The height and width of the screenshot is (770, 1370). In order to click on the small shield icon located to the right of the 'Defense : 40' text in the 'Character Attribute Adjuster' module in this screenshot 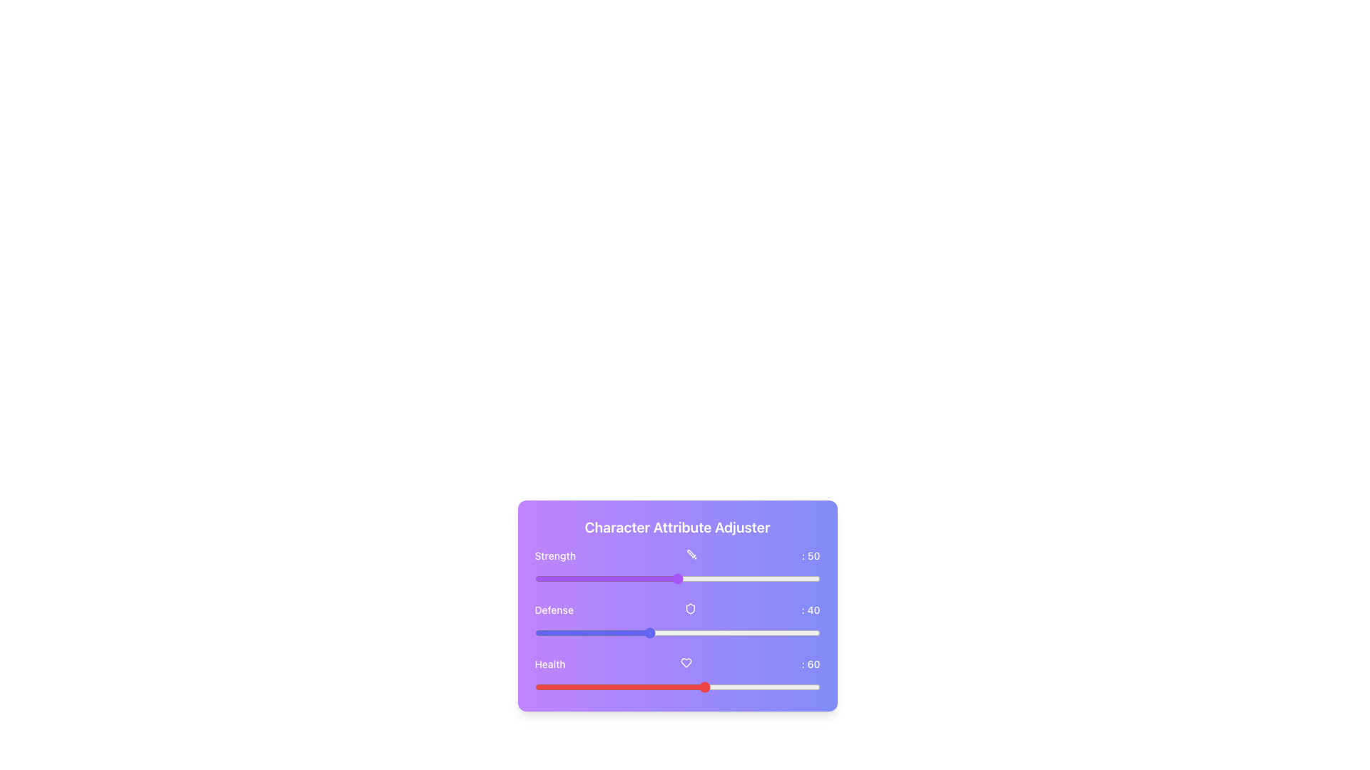, I will do `click(690, 608)`.